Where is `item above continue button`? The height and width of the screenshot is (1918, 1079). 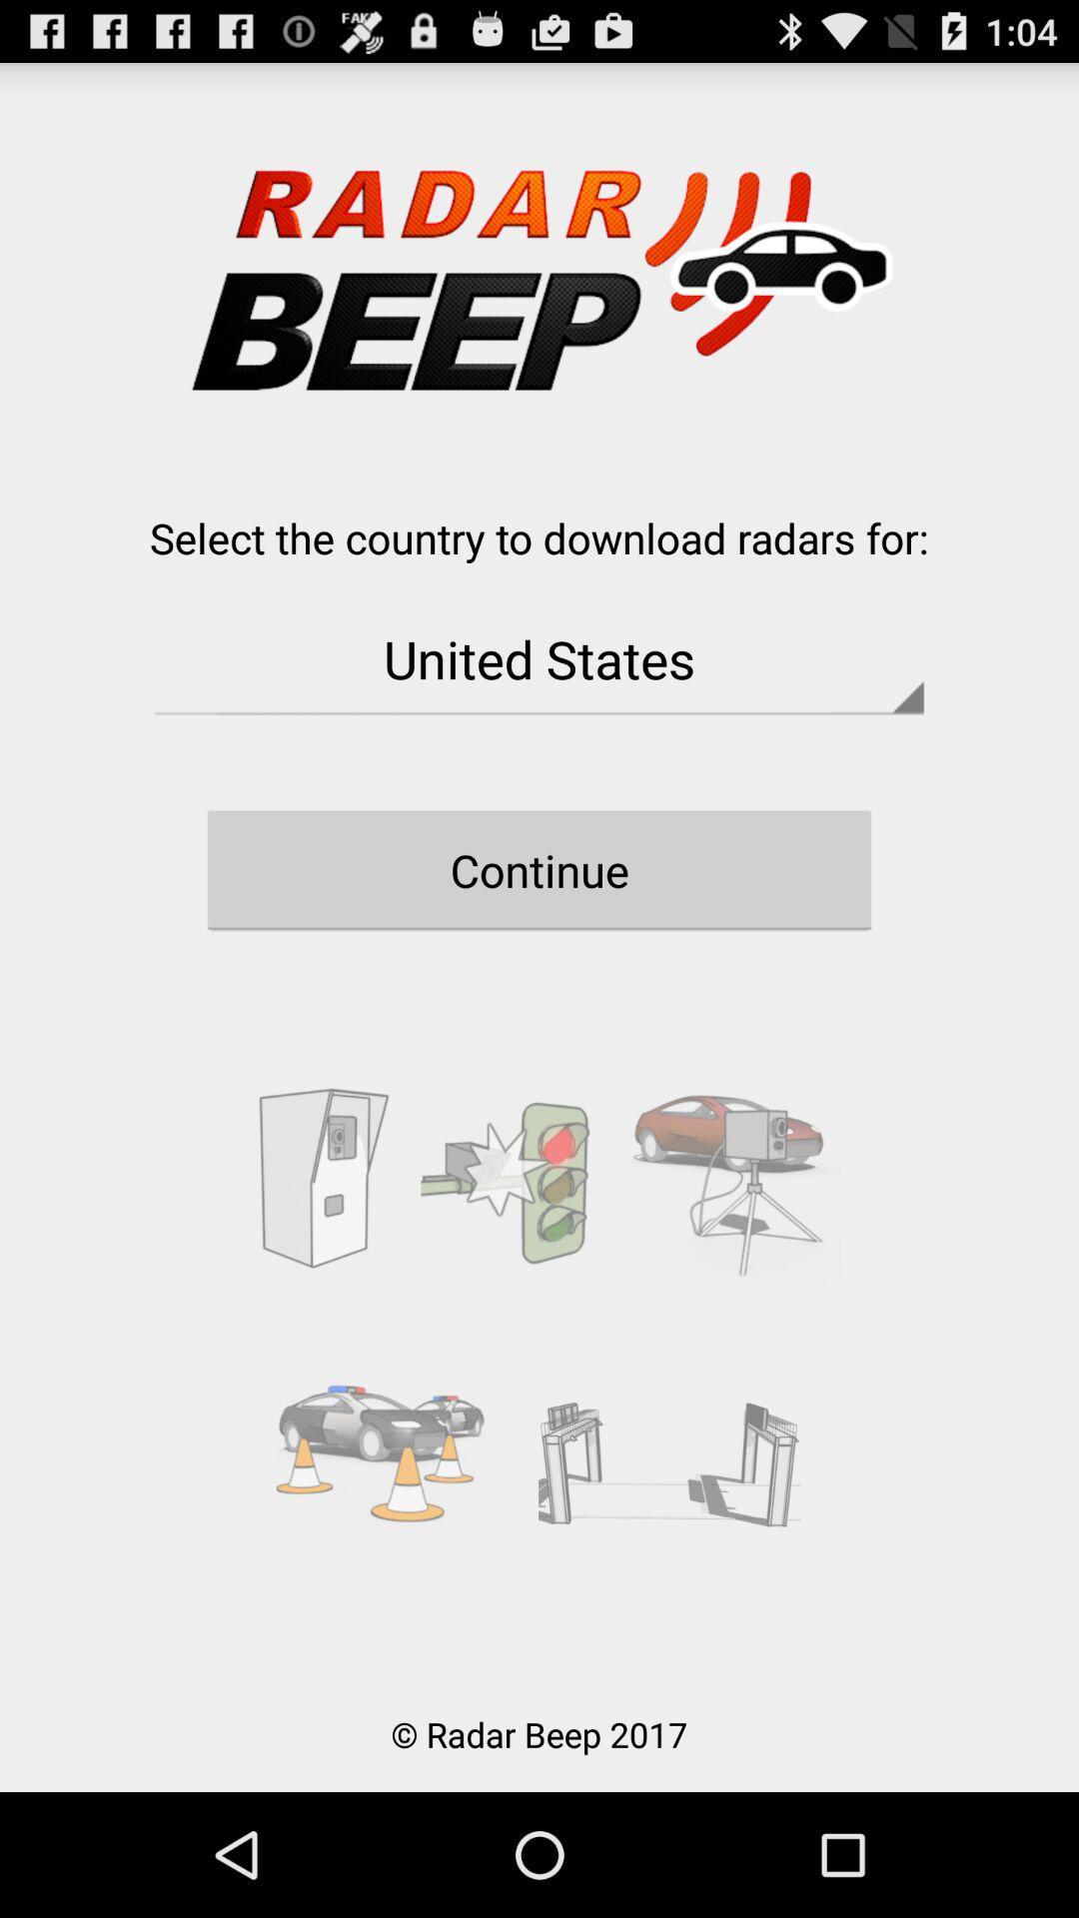
item above continue button is located at coordinates (539, 658).